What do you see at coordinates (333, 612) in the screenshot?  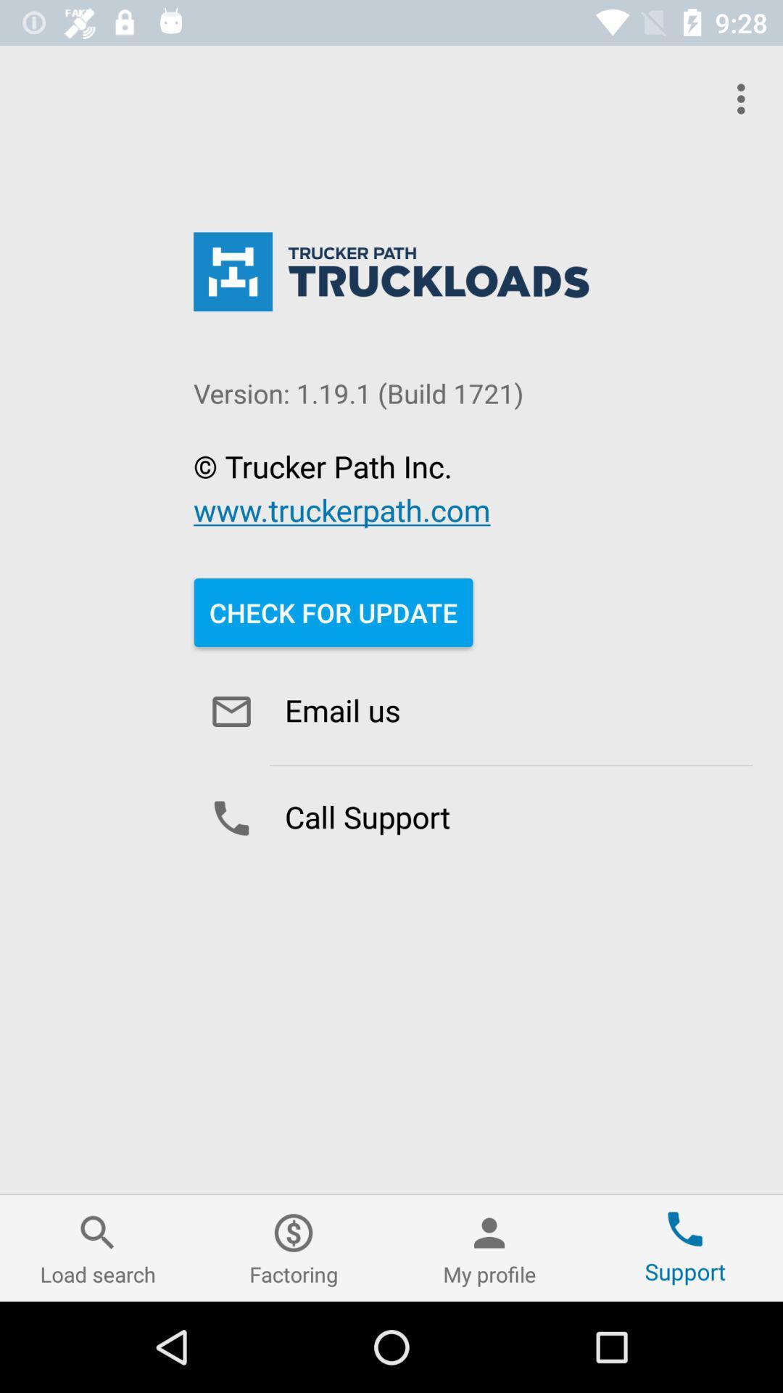 I see `item above the email us icon` at bounding box center [333, 612].